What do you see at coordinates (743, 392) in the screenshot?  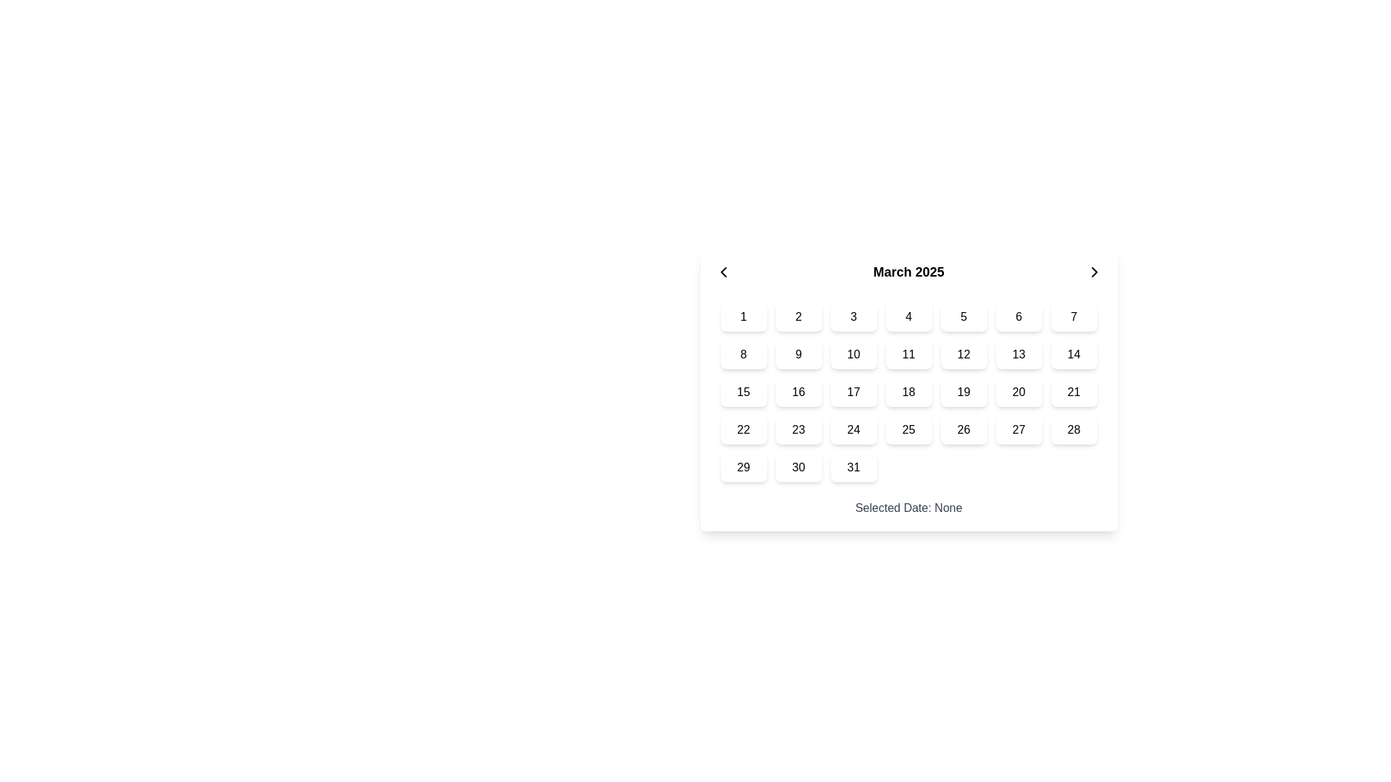 I see `the rounded rectangular button containing the number '15'` at bounding box center [743, 392].